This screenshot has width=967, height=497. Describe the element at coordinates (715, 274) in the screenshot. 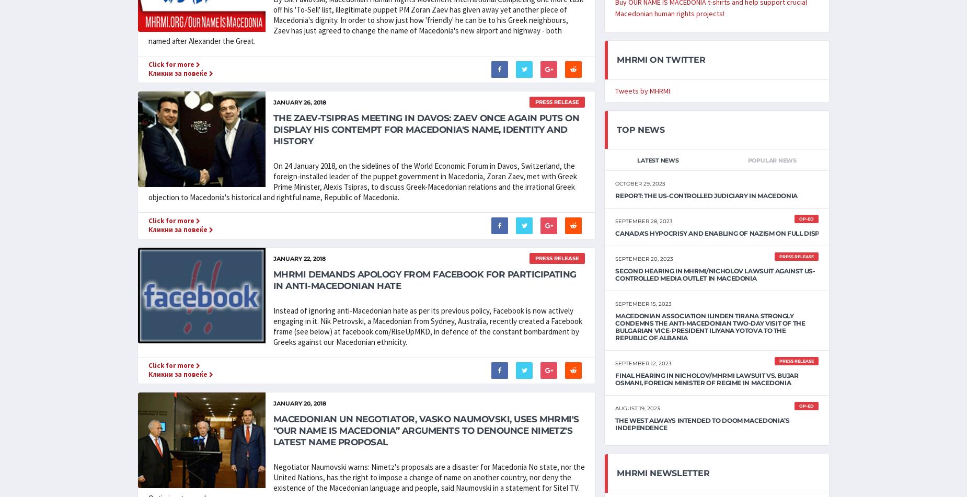

I see `'Second Hearing in MHRMI/Nicholov Lawsuit Against US-Controlled Media Outlet in Macedonia'` at that location.